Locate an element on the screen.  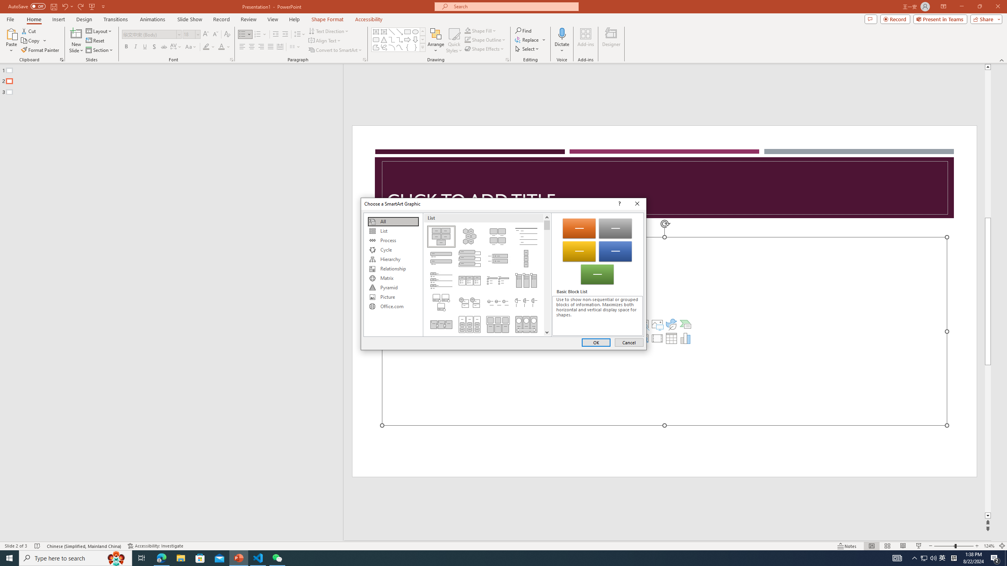
'Office.com' is located at coordinates (393, 306).